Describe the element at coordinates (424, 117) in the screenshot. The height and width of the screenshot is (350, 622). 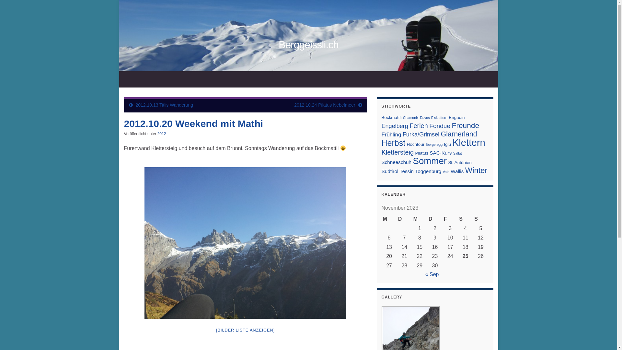
I see `'Davos'` at that location.